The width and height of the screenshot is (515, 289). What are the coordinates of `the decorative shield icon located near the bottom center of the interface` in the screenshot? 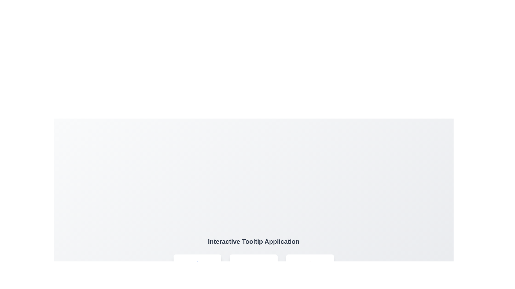 It's located at (310, 265).